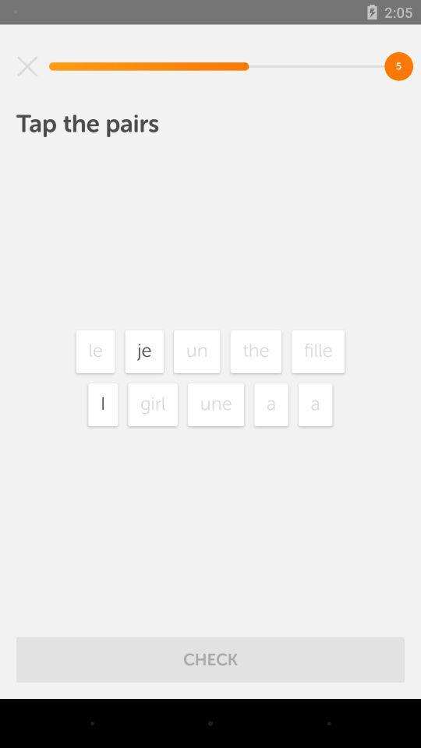 The width and height of the screenshot is (421, 748). What do you see at coordinates (103, 404) in the screenshot?
I see `icon next to girl icon` at bounding box center [103, 404].